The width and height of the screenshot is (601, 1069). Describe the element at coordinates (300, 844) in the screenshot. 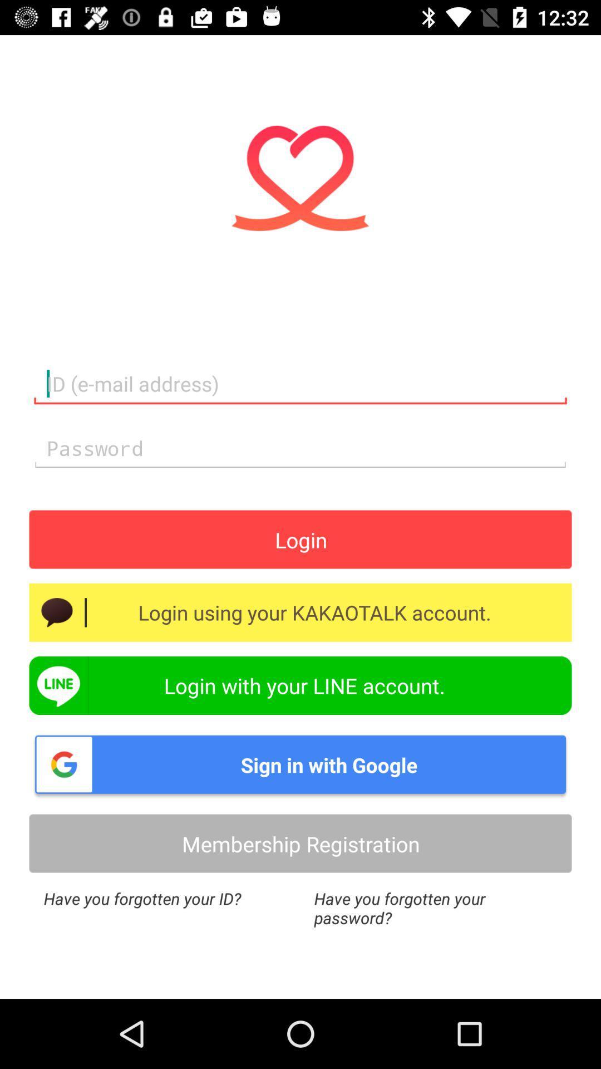

I see `the membership registration` at that location.